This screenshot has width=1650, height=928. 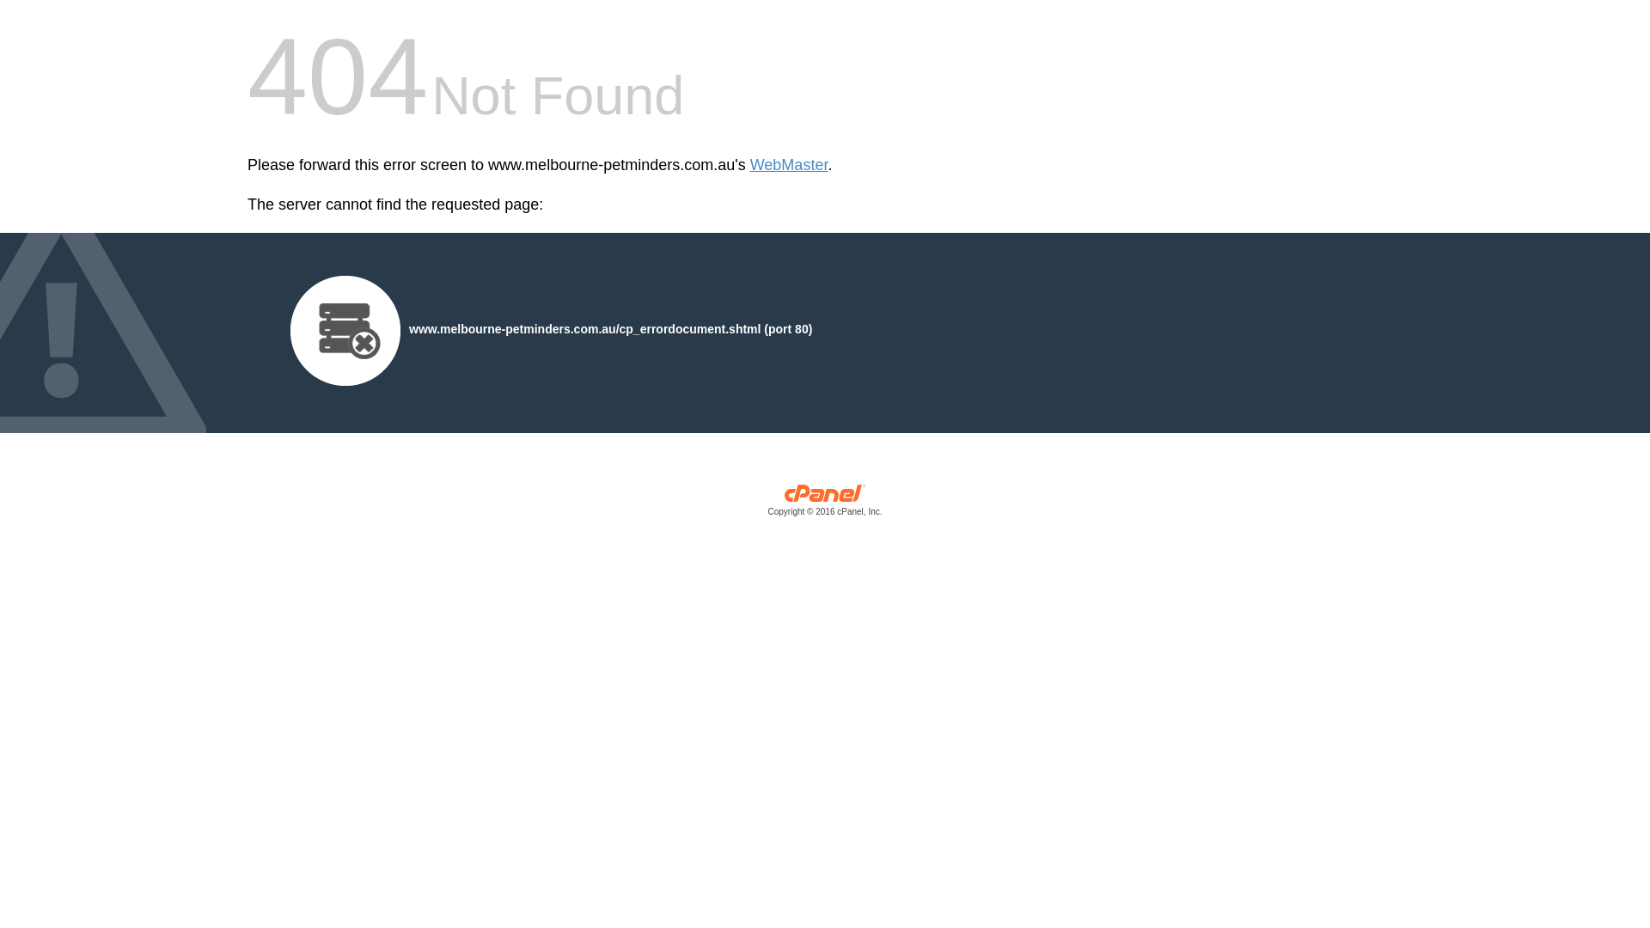 What do you see at coordinates (788, 165) in the screenshot?
I see `'WebMaster'` at bounding box center [788, 165].